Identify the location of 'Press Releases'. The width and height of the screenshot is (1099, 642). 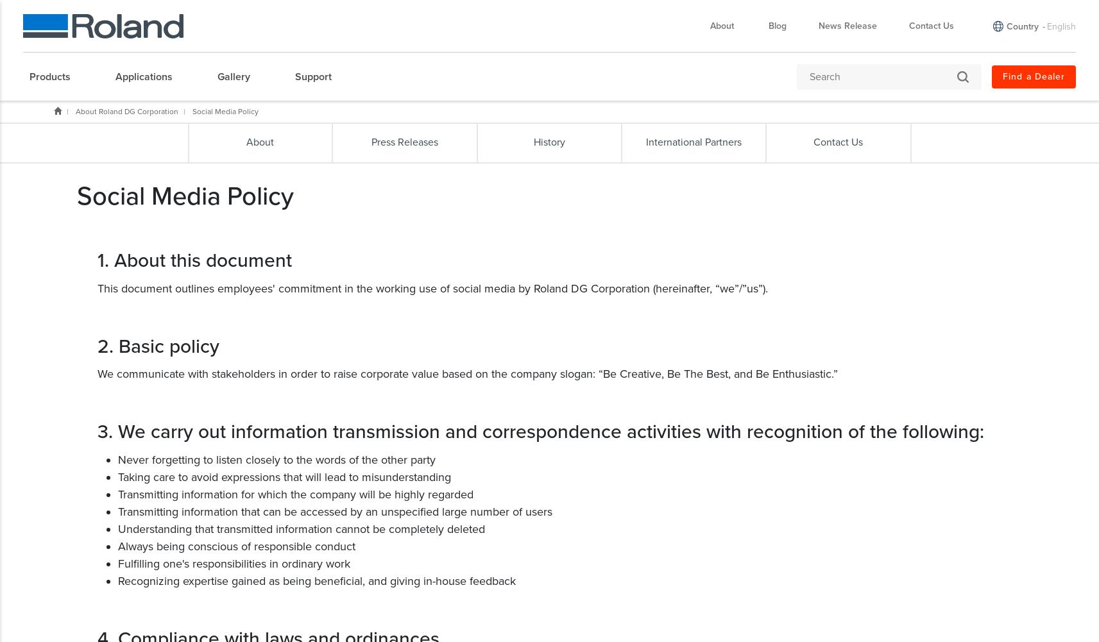
(371, 142).